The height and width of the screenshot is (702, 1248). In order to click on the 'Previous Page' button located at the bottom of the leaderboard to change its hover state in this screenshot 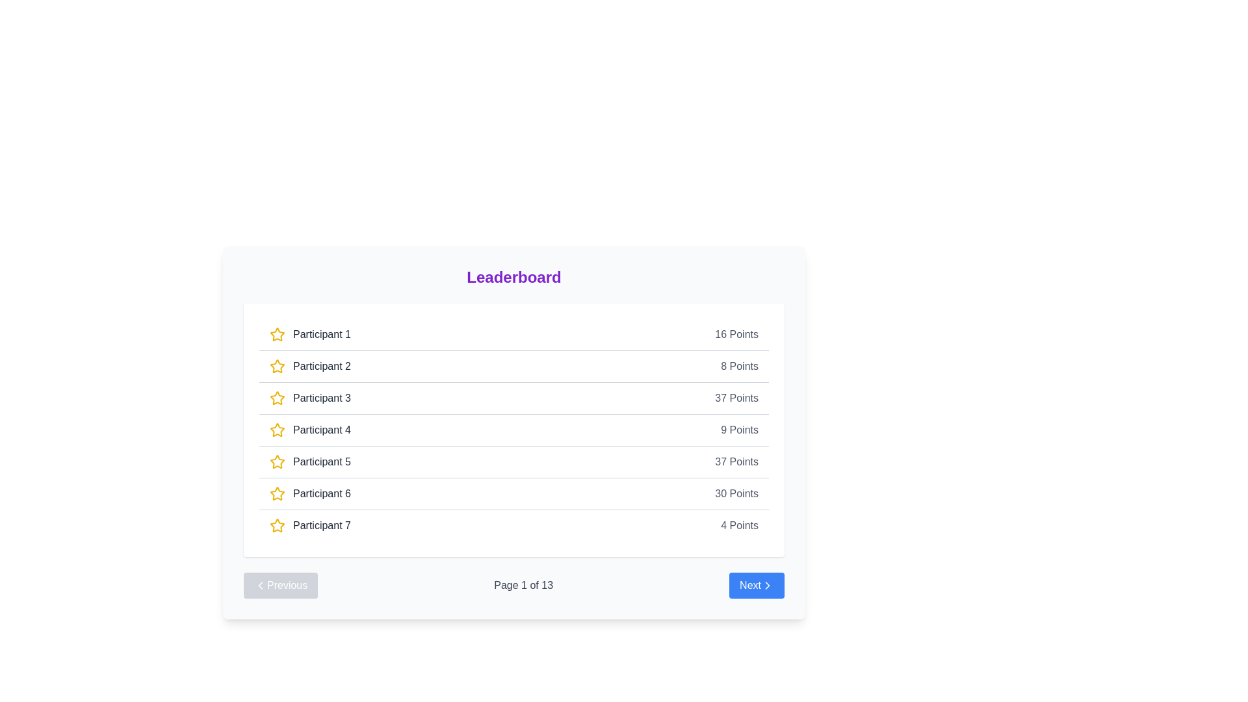, I will do `click(280, 586)`.